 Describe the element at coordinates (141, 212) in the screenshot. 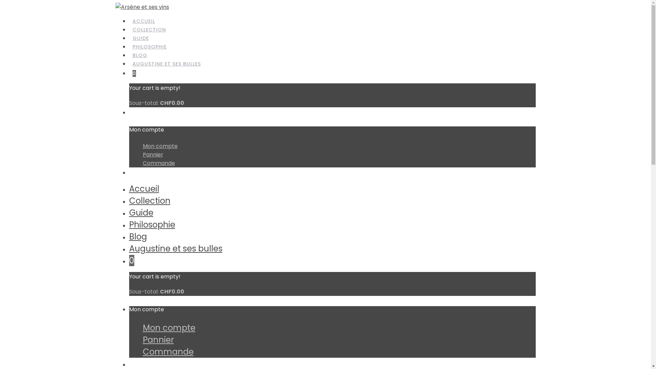

I see `'Guide'` at that location.